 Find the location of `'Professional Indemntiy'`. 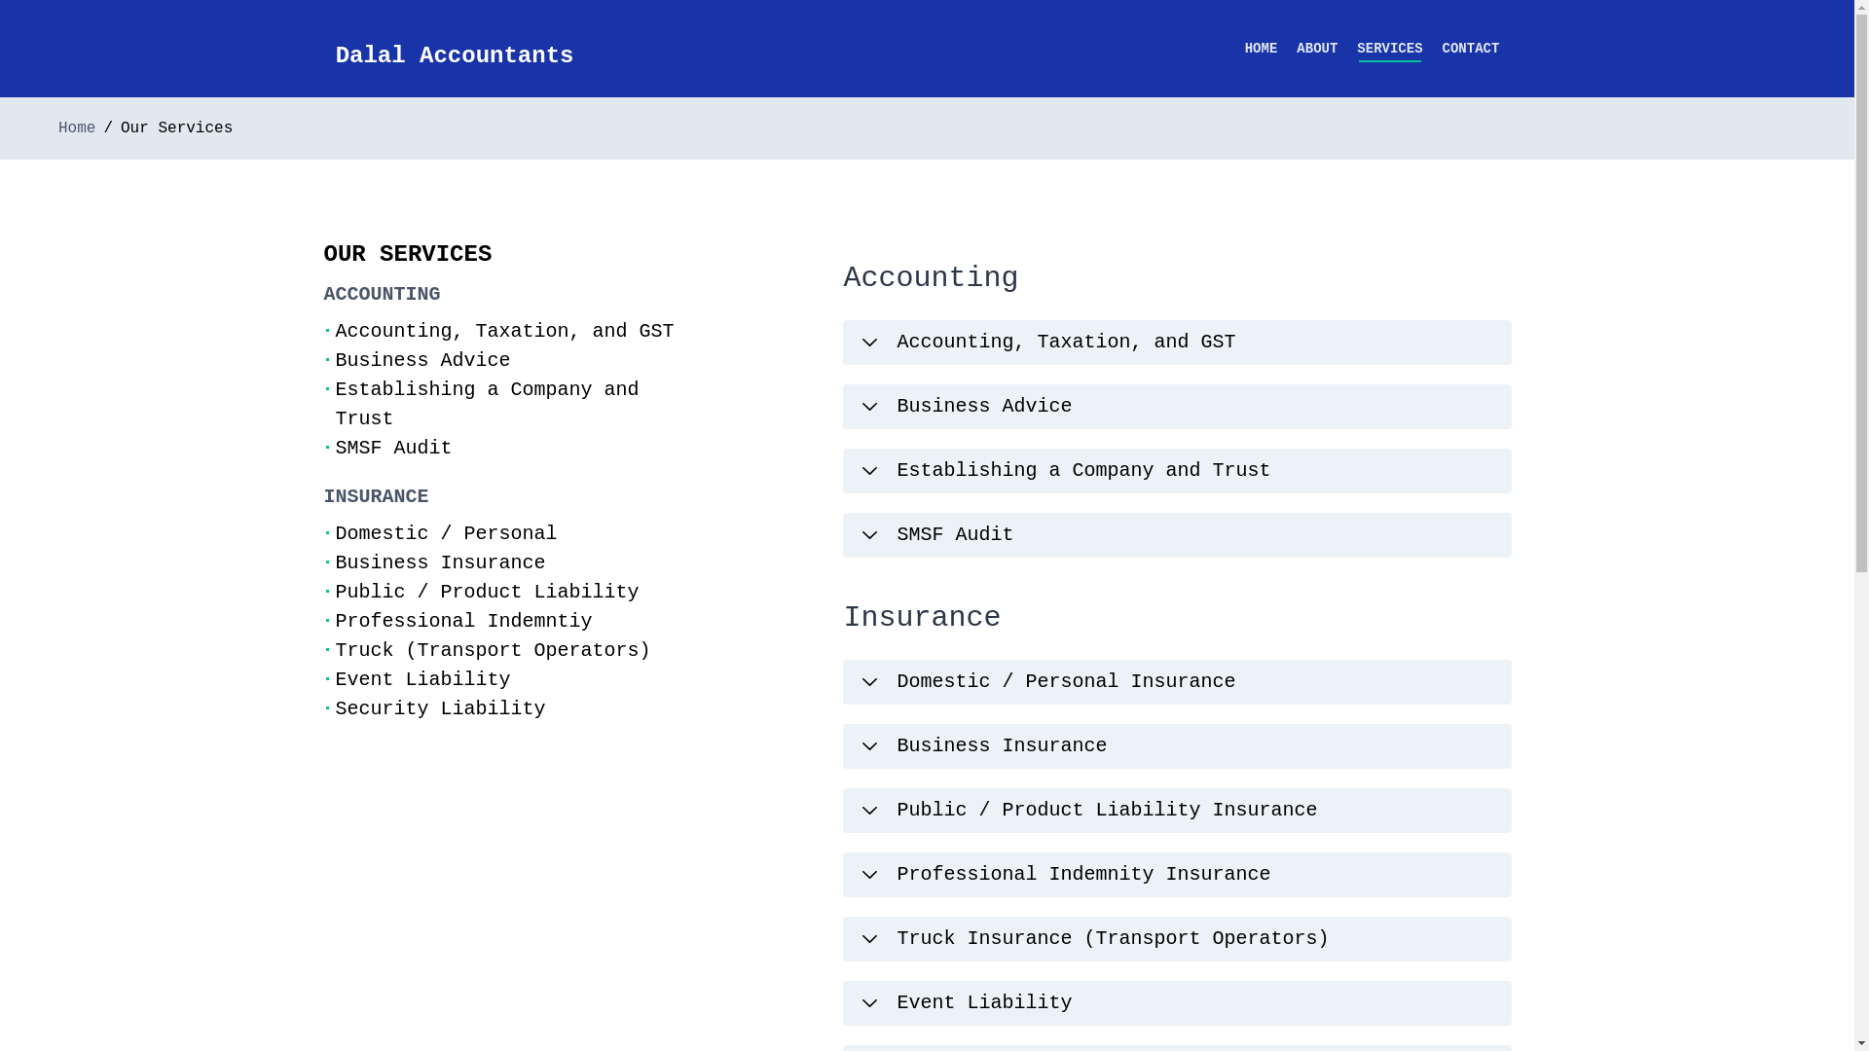

'Professional Indemntiy' is located at coordinates (461, 621).